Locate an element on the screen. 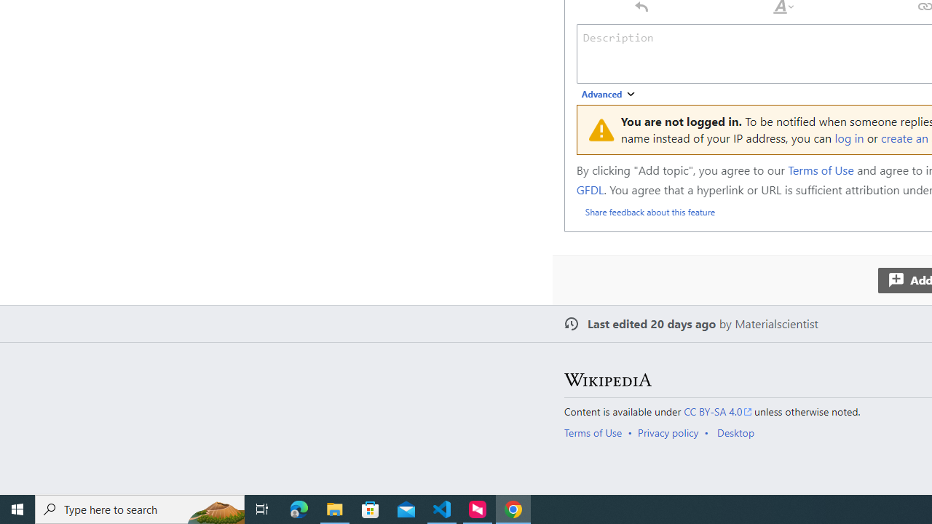 The image size is (932, 524). 'Desktop' is located at coordinates (735, 432).